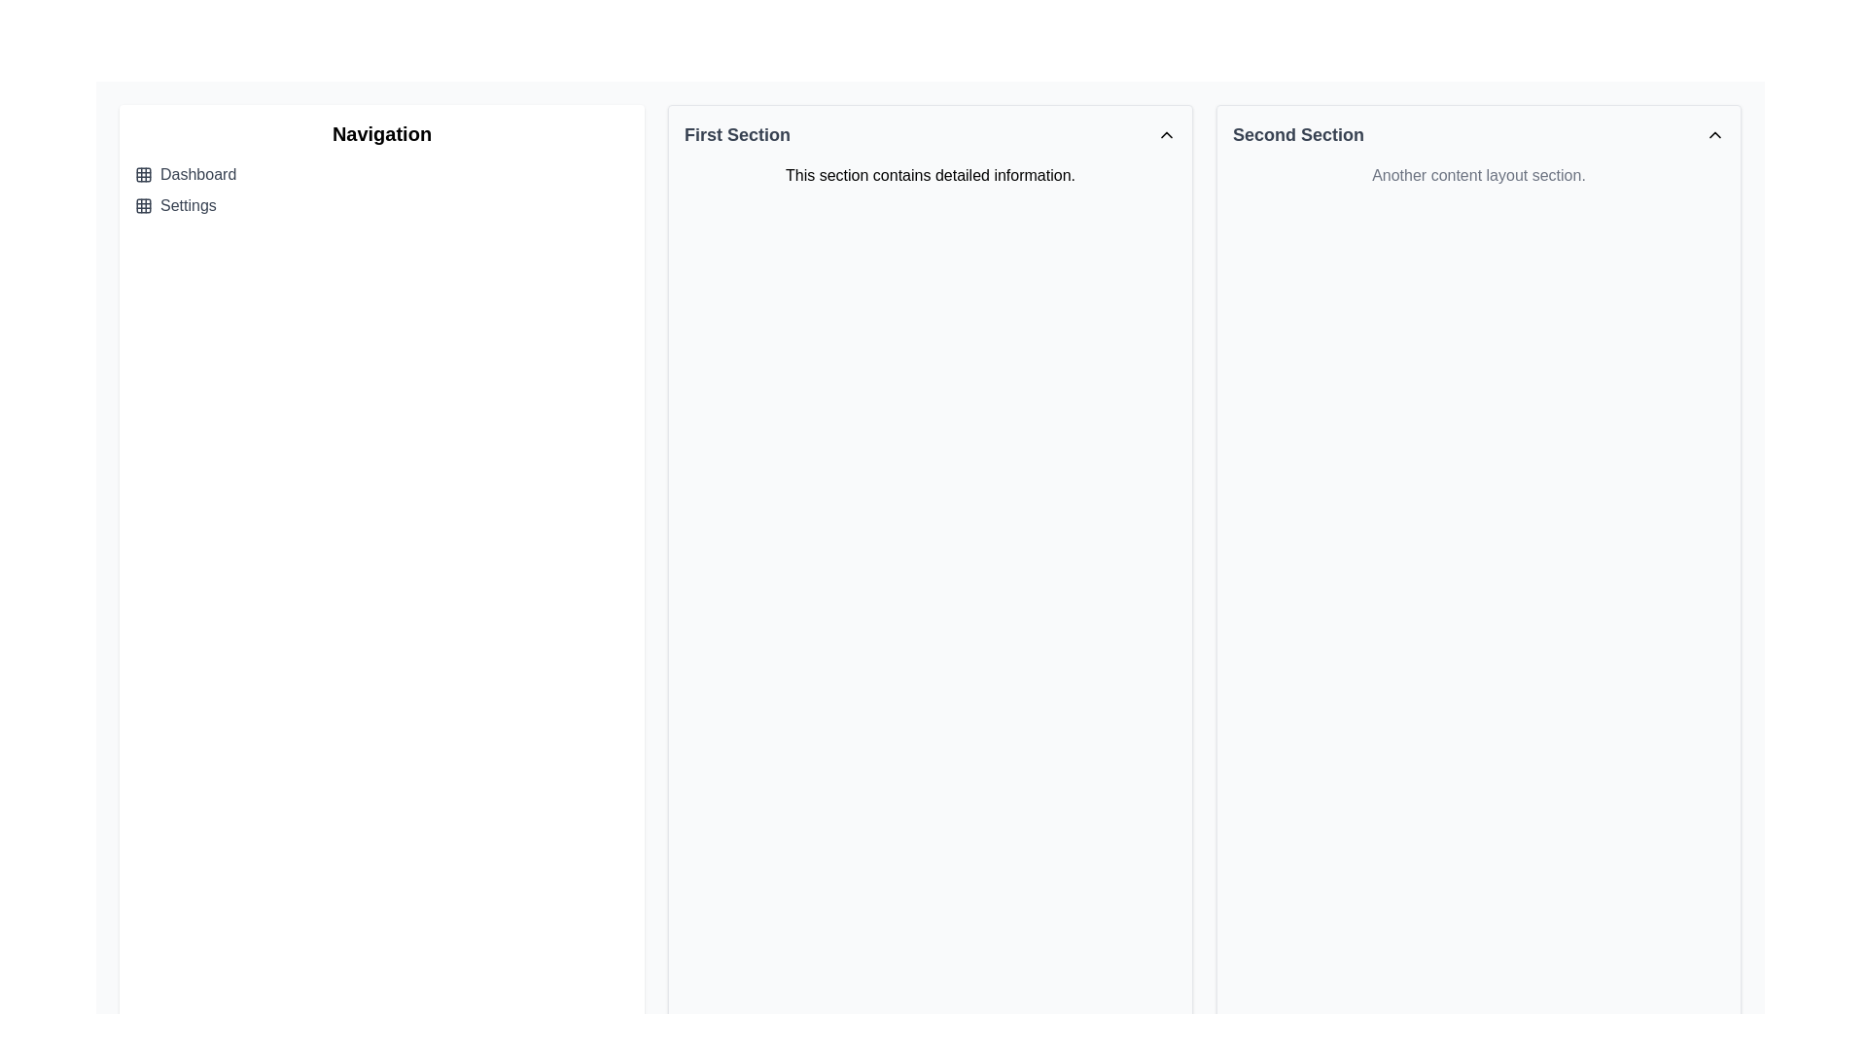 This screenshot has width=1867, height=1050. What do you see at coordinates (382, 206) in the screenshot?
I see `the 'Settings' navigation link located in the left navigation panel, positioned below the 'Dashboard' item` at bounding box center [382, 206].